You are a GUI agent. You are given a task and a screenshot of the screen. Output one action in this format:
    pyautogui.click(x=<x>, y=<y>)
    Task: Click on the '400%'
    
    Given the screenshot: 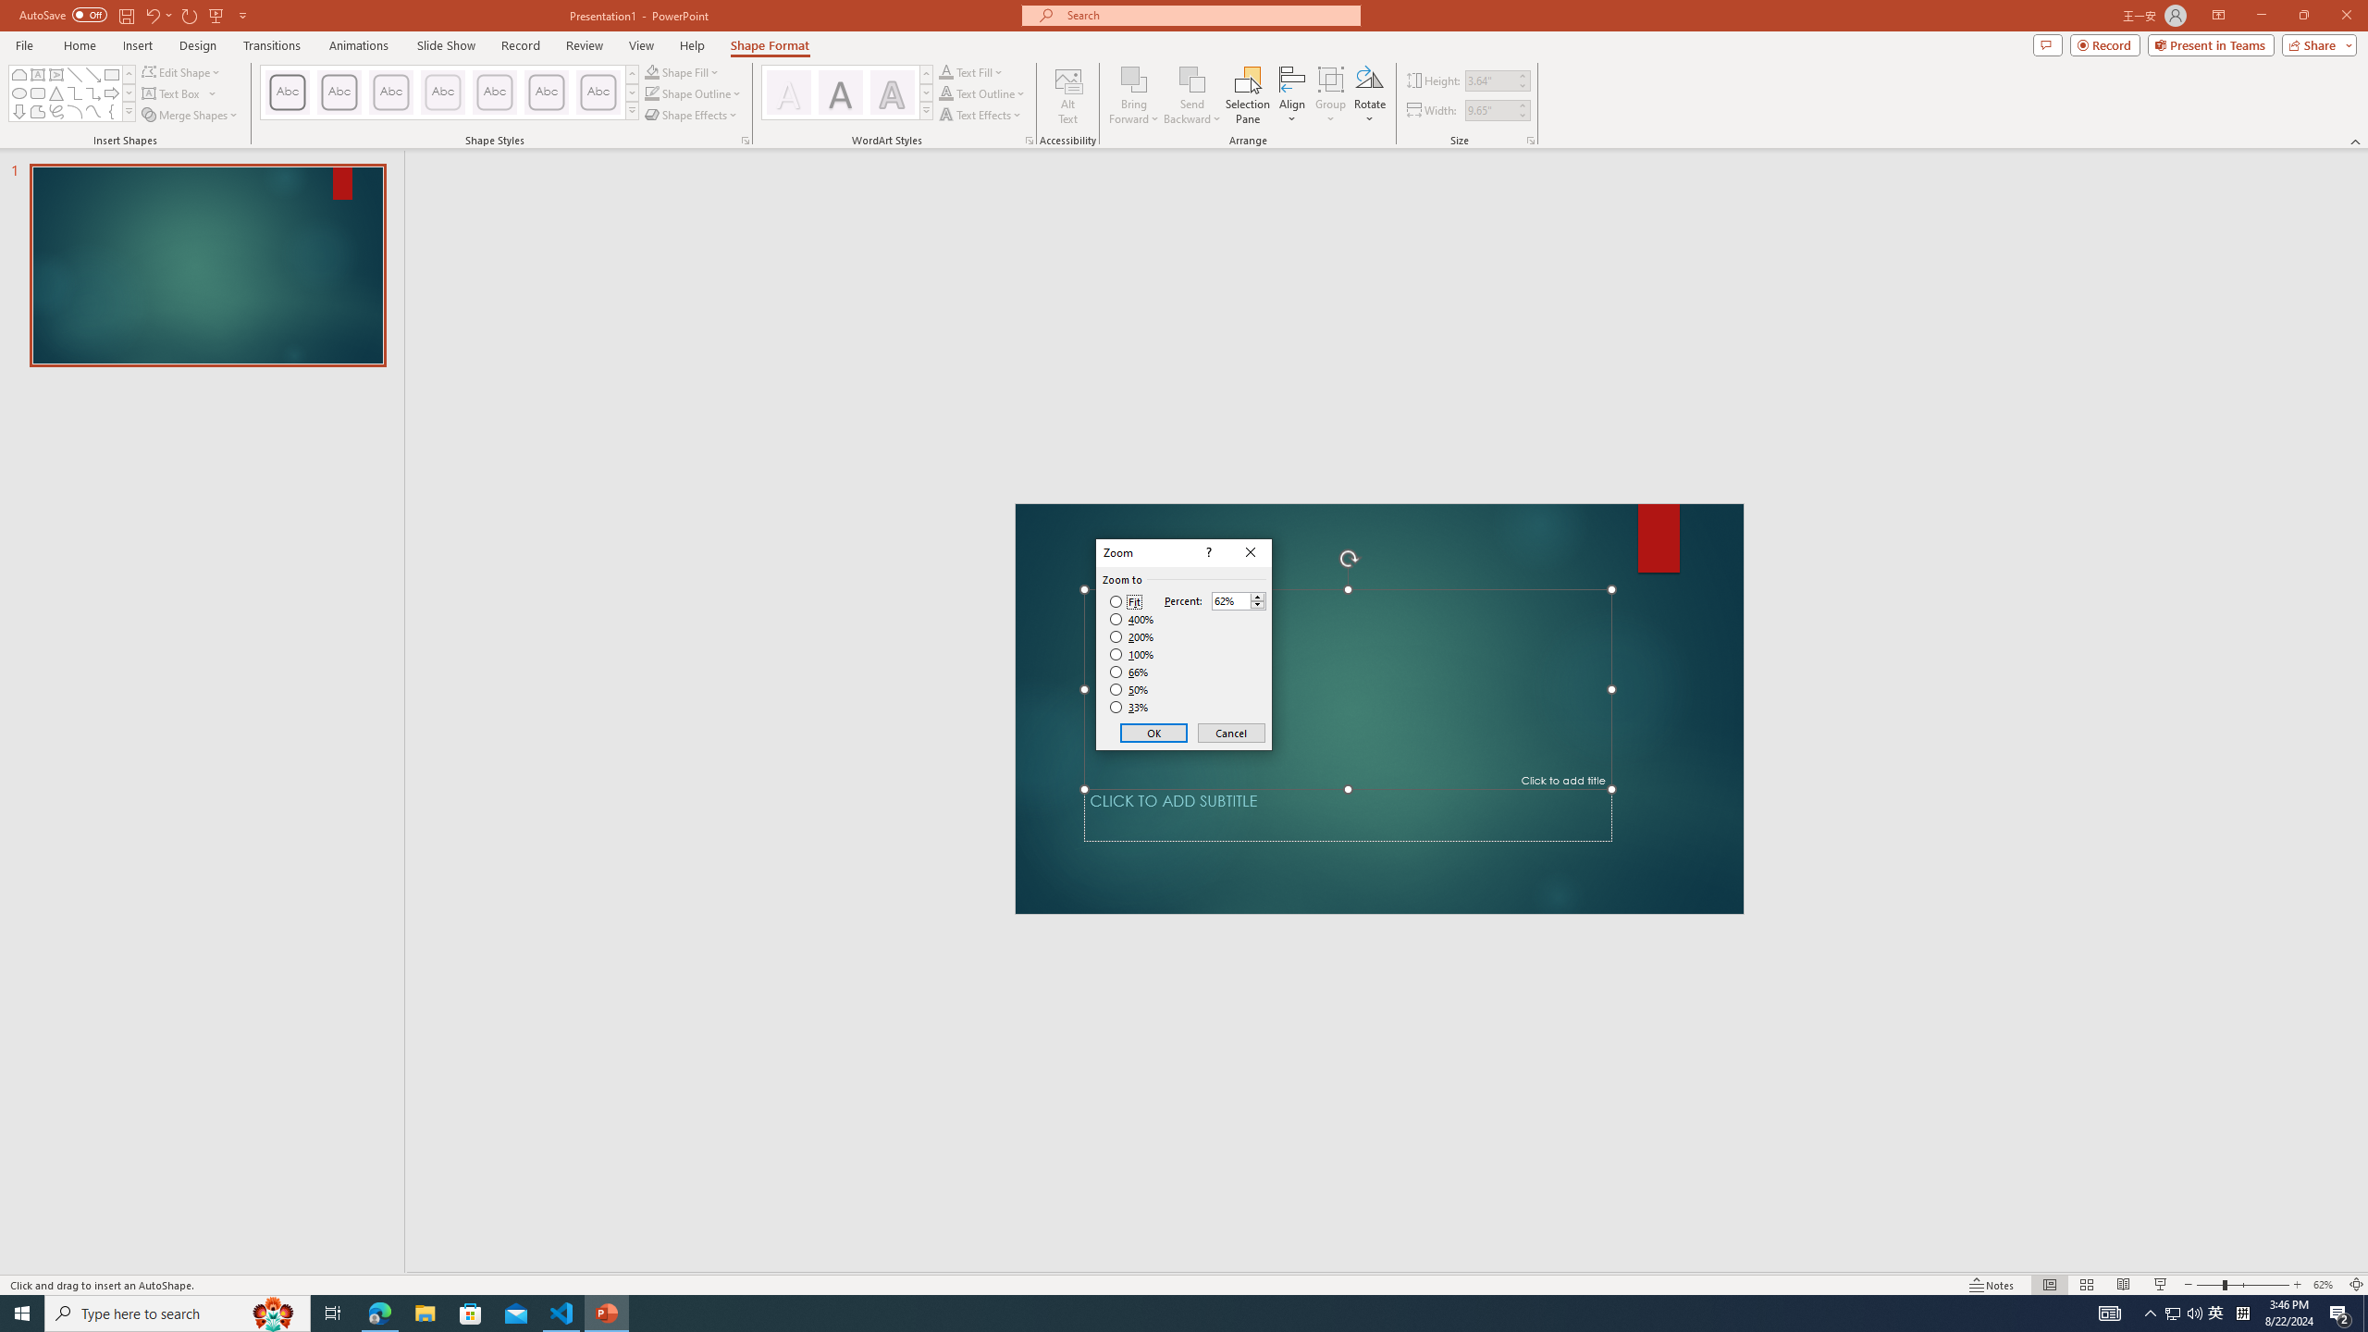 What is the action you would take?
    pyautogui.click(x=1131, y=620)
    